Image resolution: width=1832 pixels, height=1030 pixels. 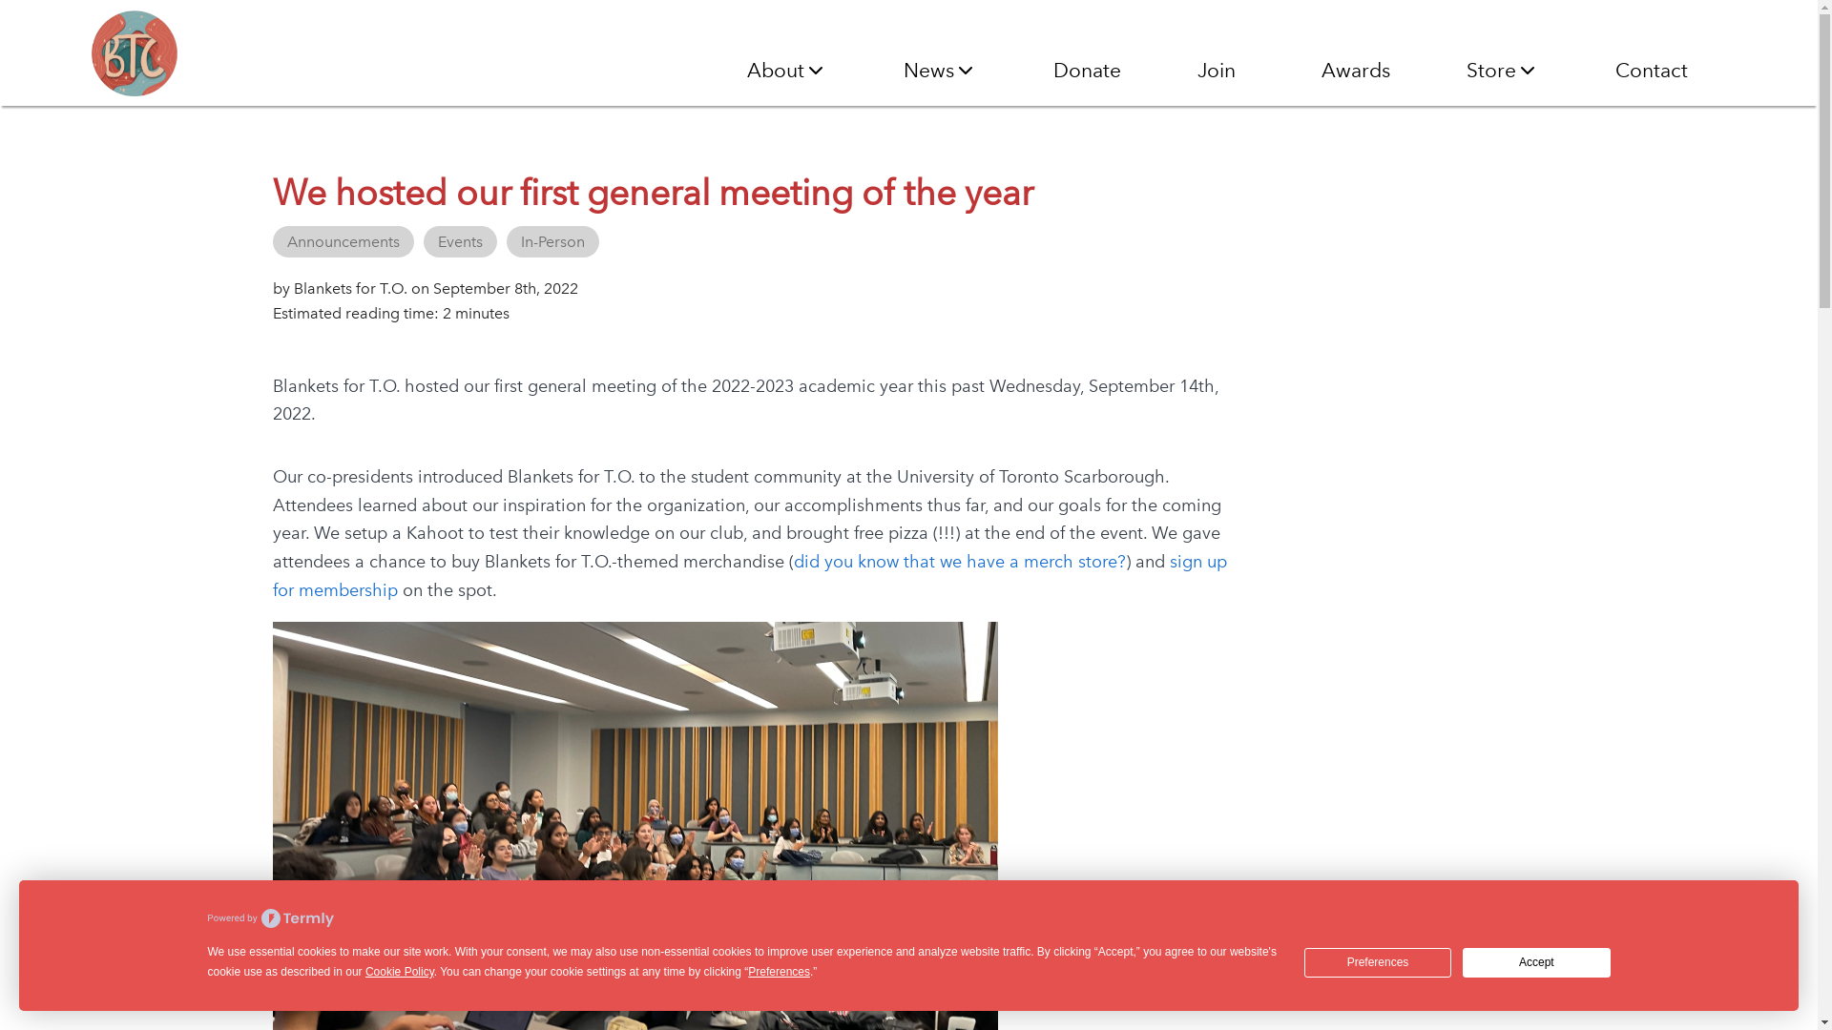 What do you see at coordinates (1651, 69) in the screenshot?
I see `'Contact'` at bounding box center [1651, 69].